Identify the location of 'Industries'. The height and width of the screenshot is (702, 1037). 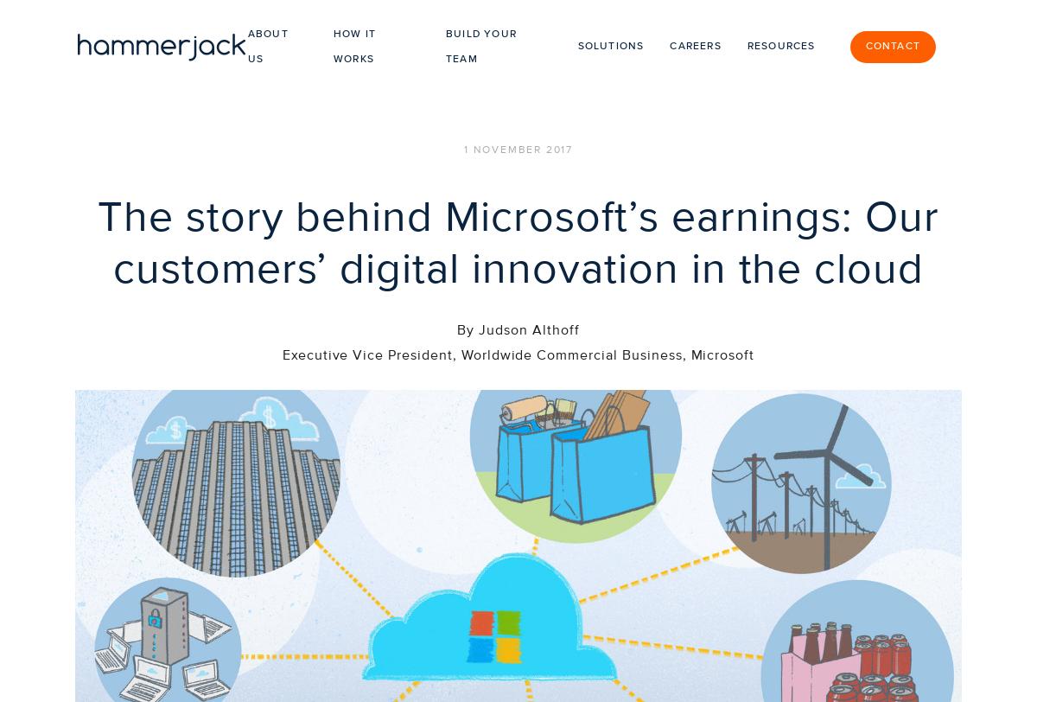
(678, 641).